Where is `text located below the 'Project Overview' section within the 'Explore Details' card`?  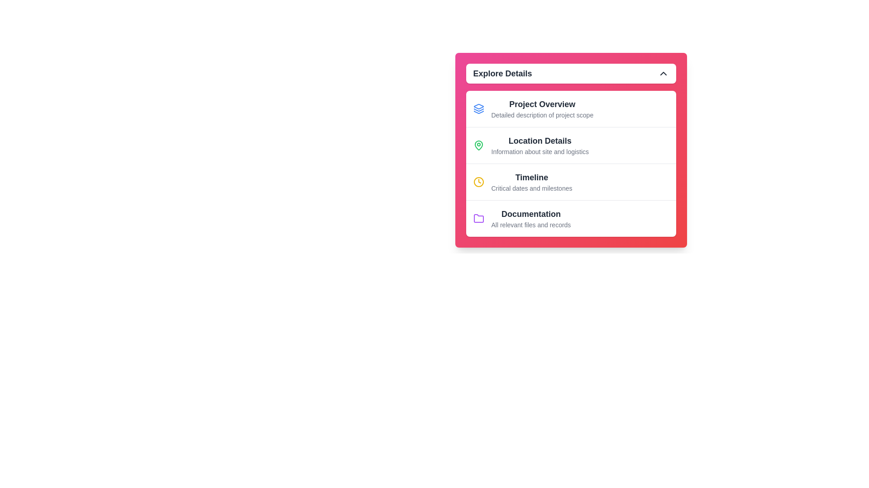 text located below the 'Project Overview' section within the 'Explore Details' card is located at coordinates (542, 114).